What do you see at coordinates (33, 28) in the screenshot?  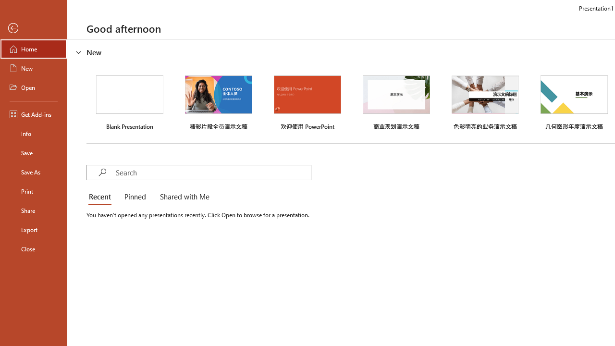 I see `'Back'` at bounding box center [33, 28].